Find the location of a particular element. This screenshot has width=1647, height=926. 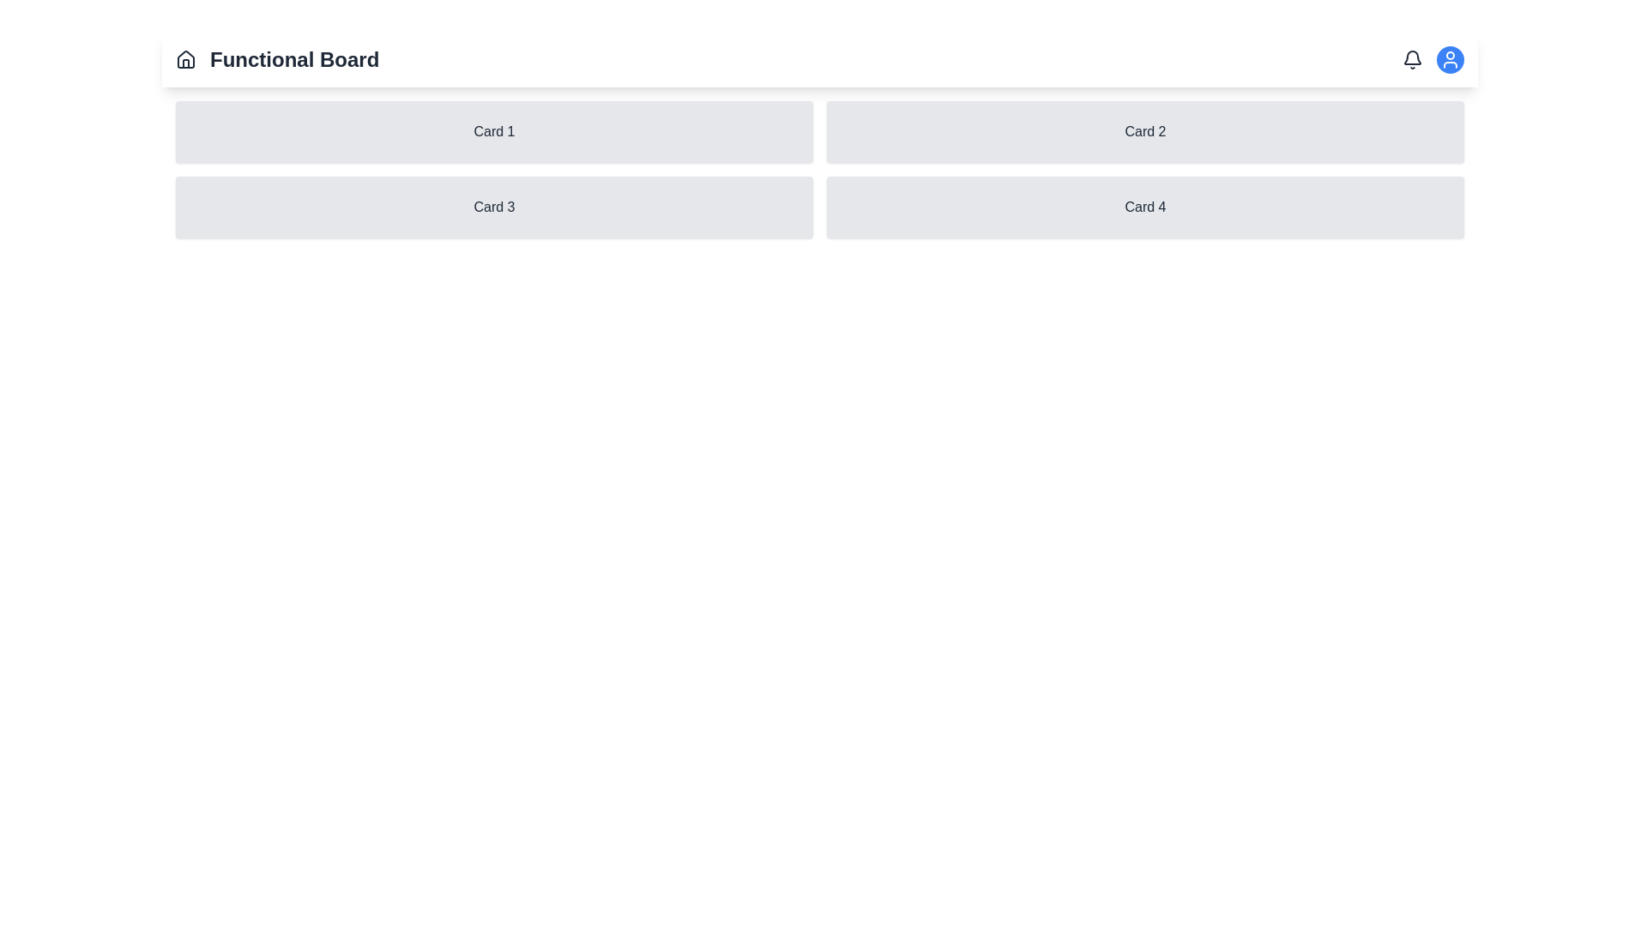

the bell icon is located at coordinates (1412, 58).